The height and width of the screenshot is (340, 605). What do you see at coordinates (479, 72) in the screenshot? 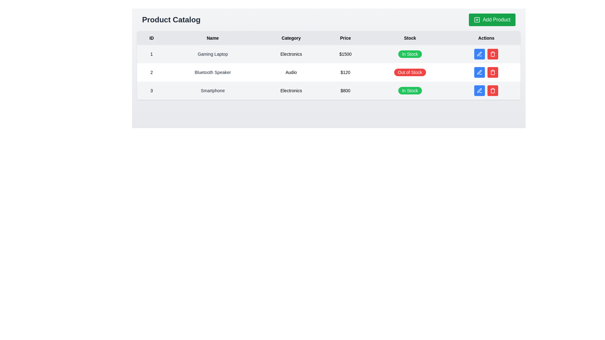
I see `the pen icon inside the 'Actions' column for the 'Bluetooth Speaker' product` at bounding box center [479, 72].